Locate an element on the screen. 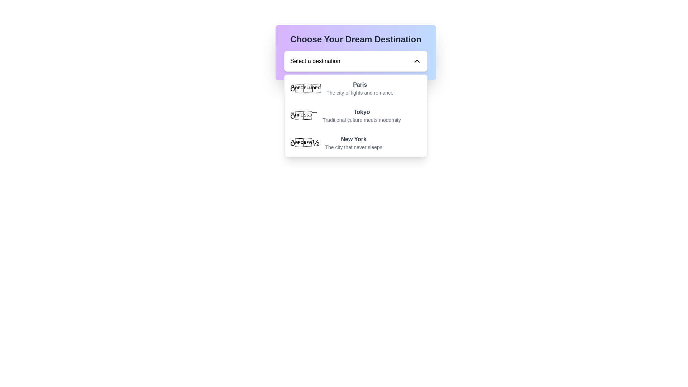 Image resolution: width=688 pixels, height=387 pixels. the 'Tokyo' dropdown menu option, which features a bold header and is positioned between the 'Paris' and 'New York' options is located at coordinates (362, 115).